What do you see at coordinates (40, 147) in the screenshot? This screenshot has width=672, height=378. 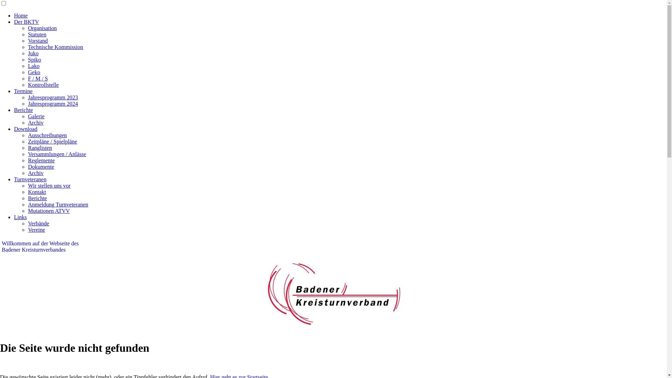 I see `'Ranglisten'` at bounding box center [40, 147].